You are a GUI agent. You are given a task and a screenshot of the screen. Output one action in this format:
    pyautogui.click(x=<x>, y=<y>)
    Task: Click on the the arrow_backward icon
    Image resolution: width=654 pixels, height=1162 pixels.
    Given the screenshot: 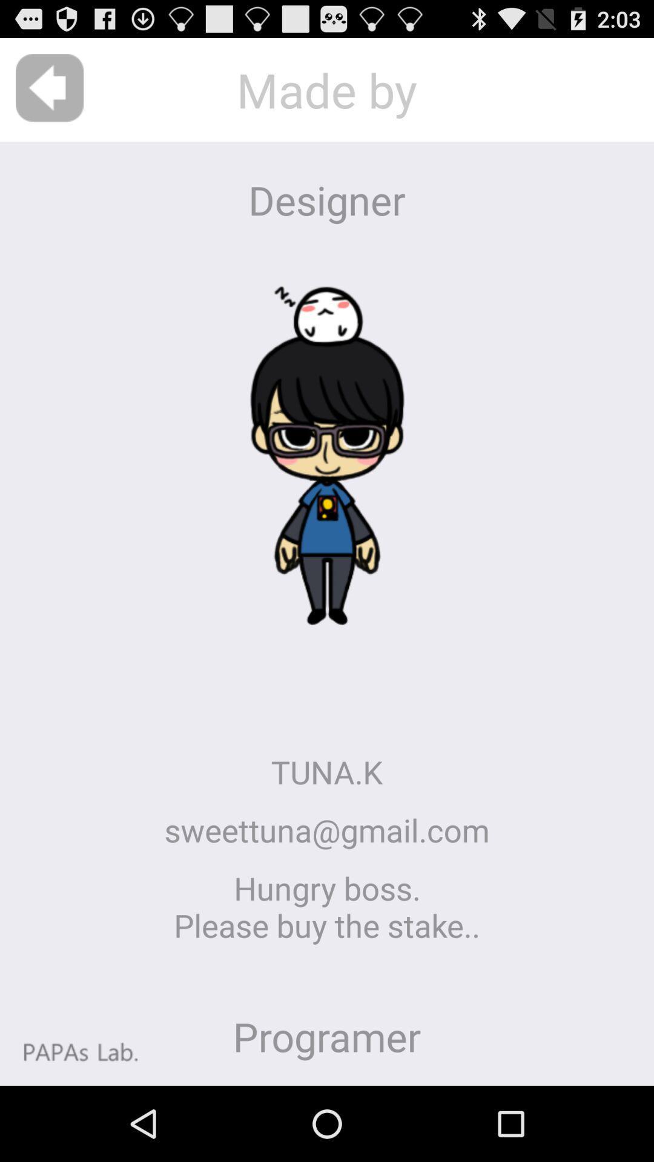 What is the action you would take?
    pyautogui.click(x=49, y=93)
    